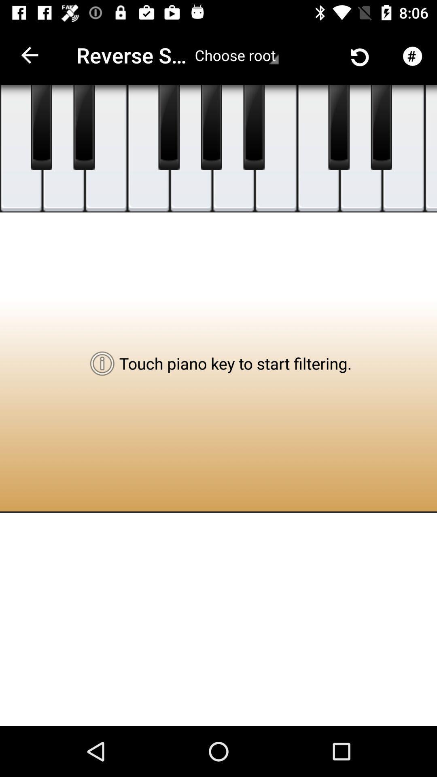 This screenshot has width=437, height=777. I want to click on icon to the right of choose root, so click(309, 55).